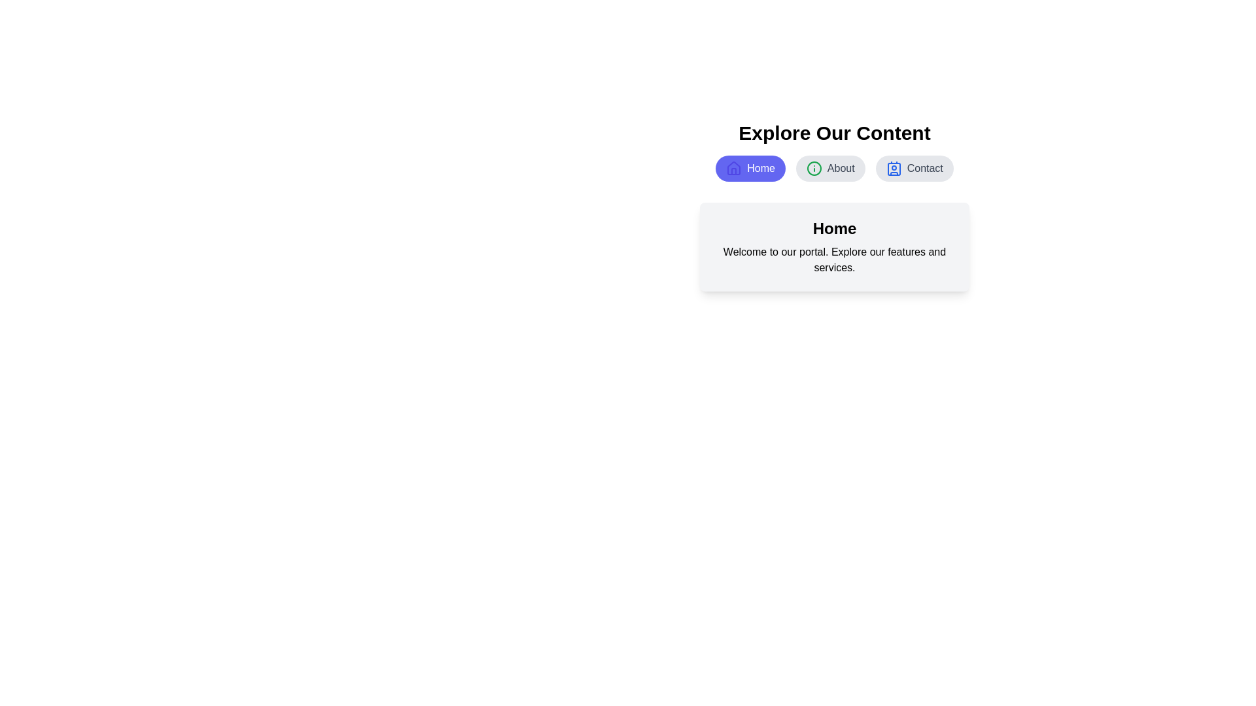 Image resolution: width=1256 pixels, height=706 pixels. What do you see at coordinates (750, 168) in the screenshot?
I see `the Home tab by clicking its button` at bounding box center [750, 168].